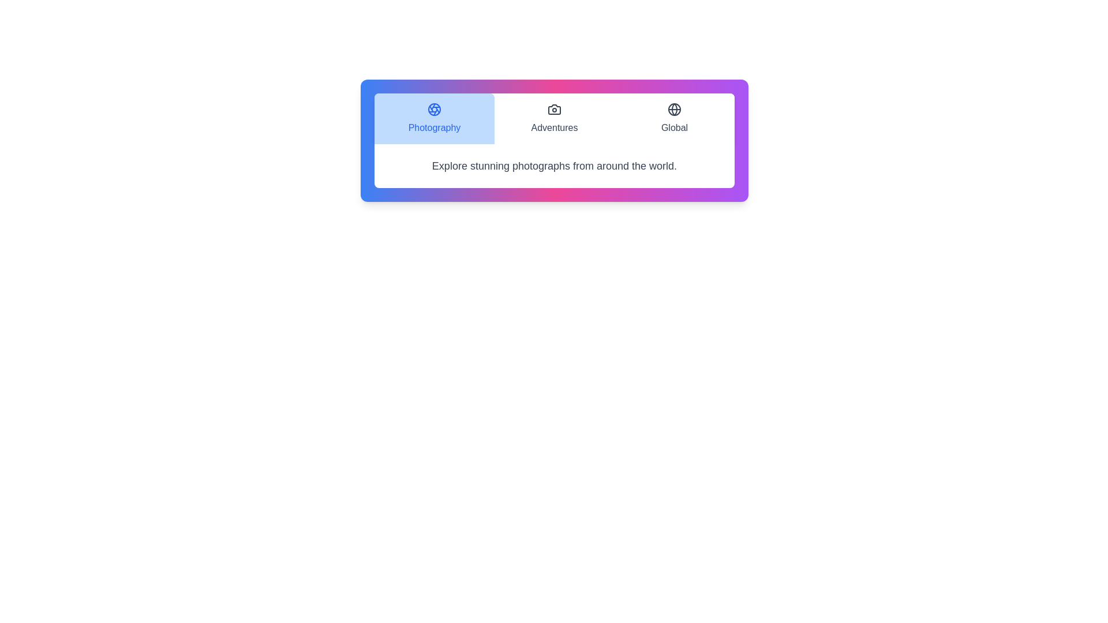 The width and height of the screenshot is (1108, 623). Describe the element at coordinates (554, 109) in the screenshot. I see `the camera body icon, which is a minimalist line-style illustration with rounded edges, located within the 'Adventures' tab` at that location.